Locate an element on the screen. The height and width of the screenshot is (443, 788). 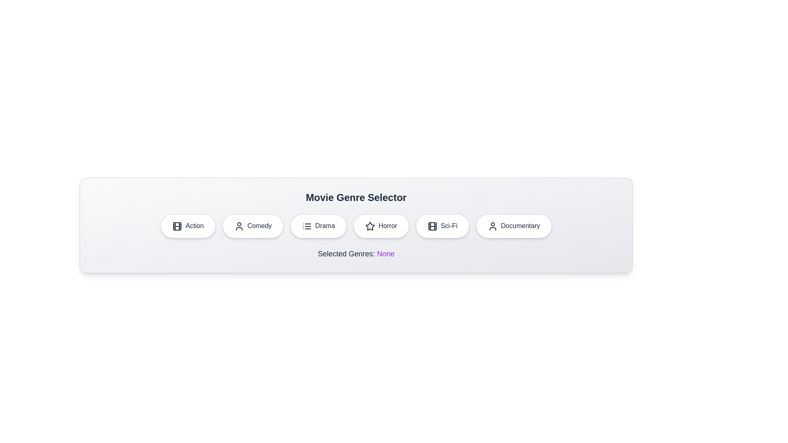
the star-shaped icon within the 'Horror' genre selector button, which is styled with a dark outline and positioned centrally among the genre buttons is located at coordinates (370, 226).